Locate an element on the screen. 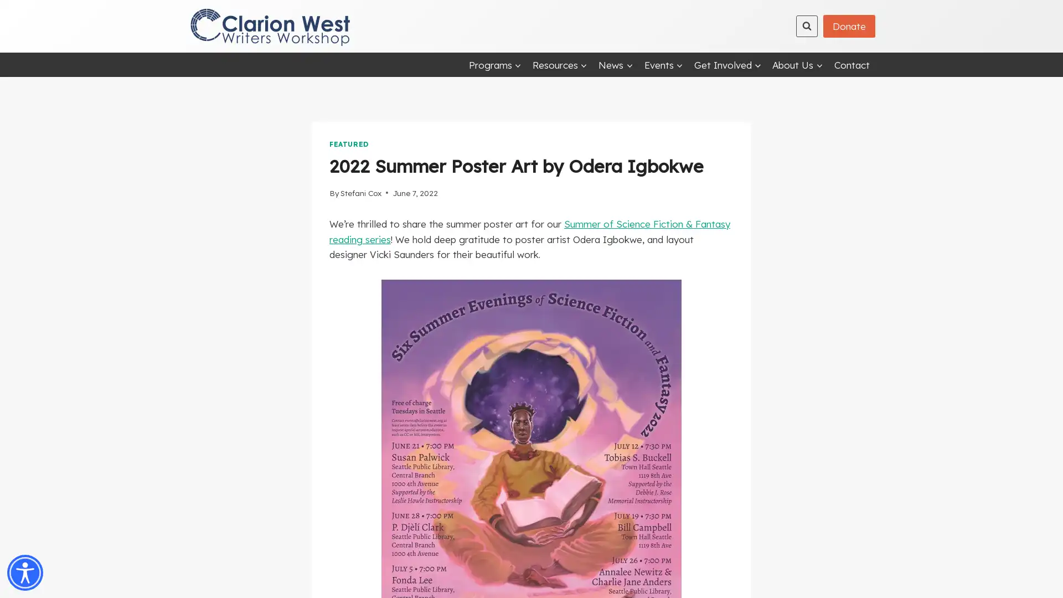 This screenshot has width=1063, height=598. Expand child menu is located at coordinates (560, 64).